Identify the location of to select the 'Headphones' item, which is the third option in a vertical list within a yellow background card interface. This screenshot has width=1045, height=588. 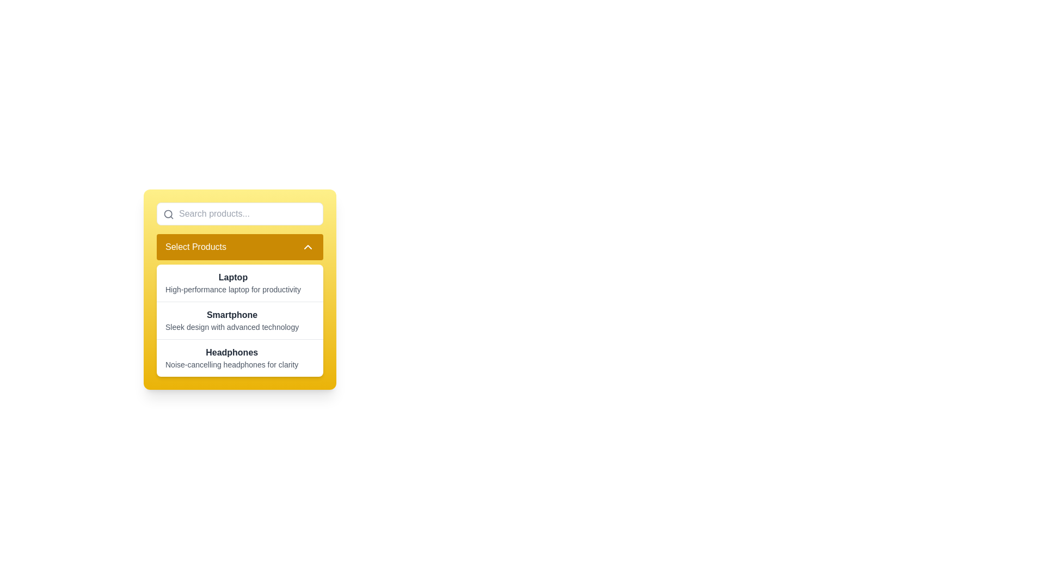
(239, 357).